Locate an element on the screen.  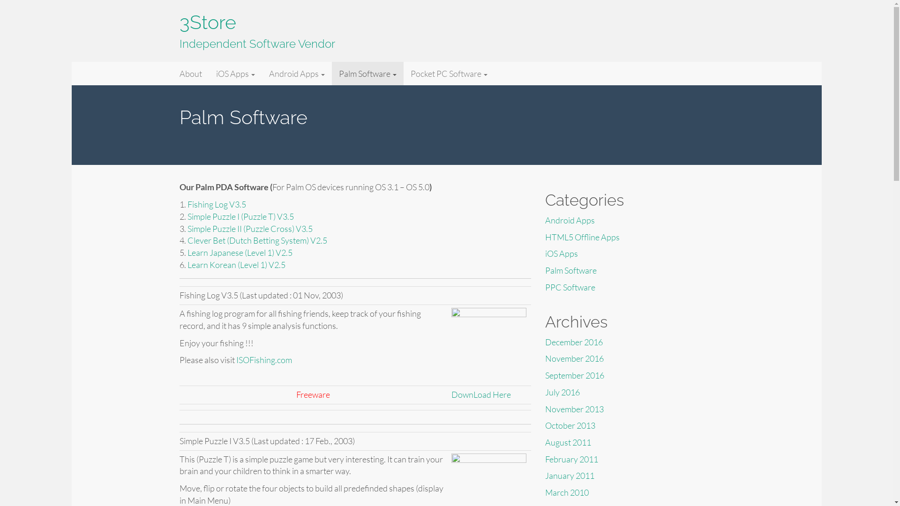
'HTML5 Offline Apps' is located at coordinates (581, 236).